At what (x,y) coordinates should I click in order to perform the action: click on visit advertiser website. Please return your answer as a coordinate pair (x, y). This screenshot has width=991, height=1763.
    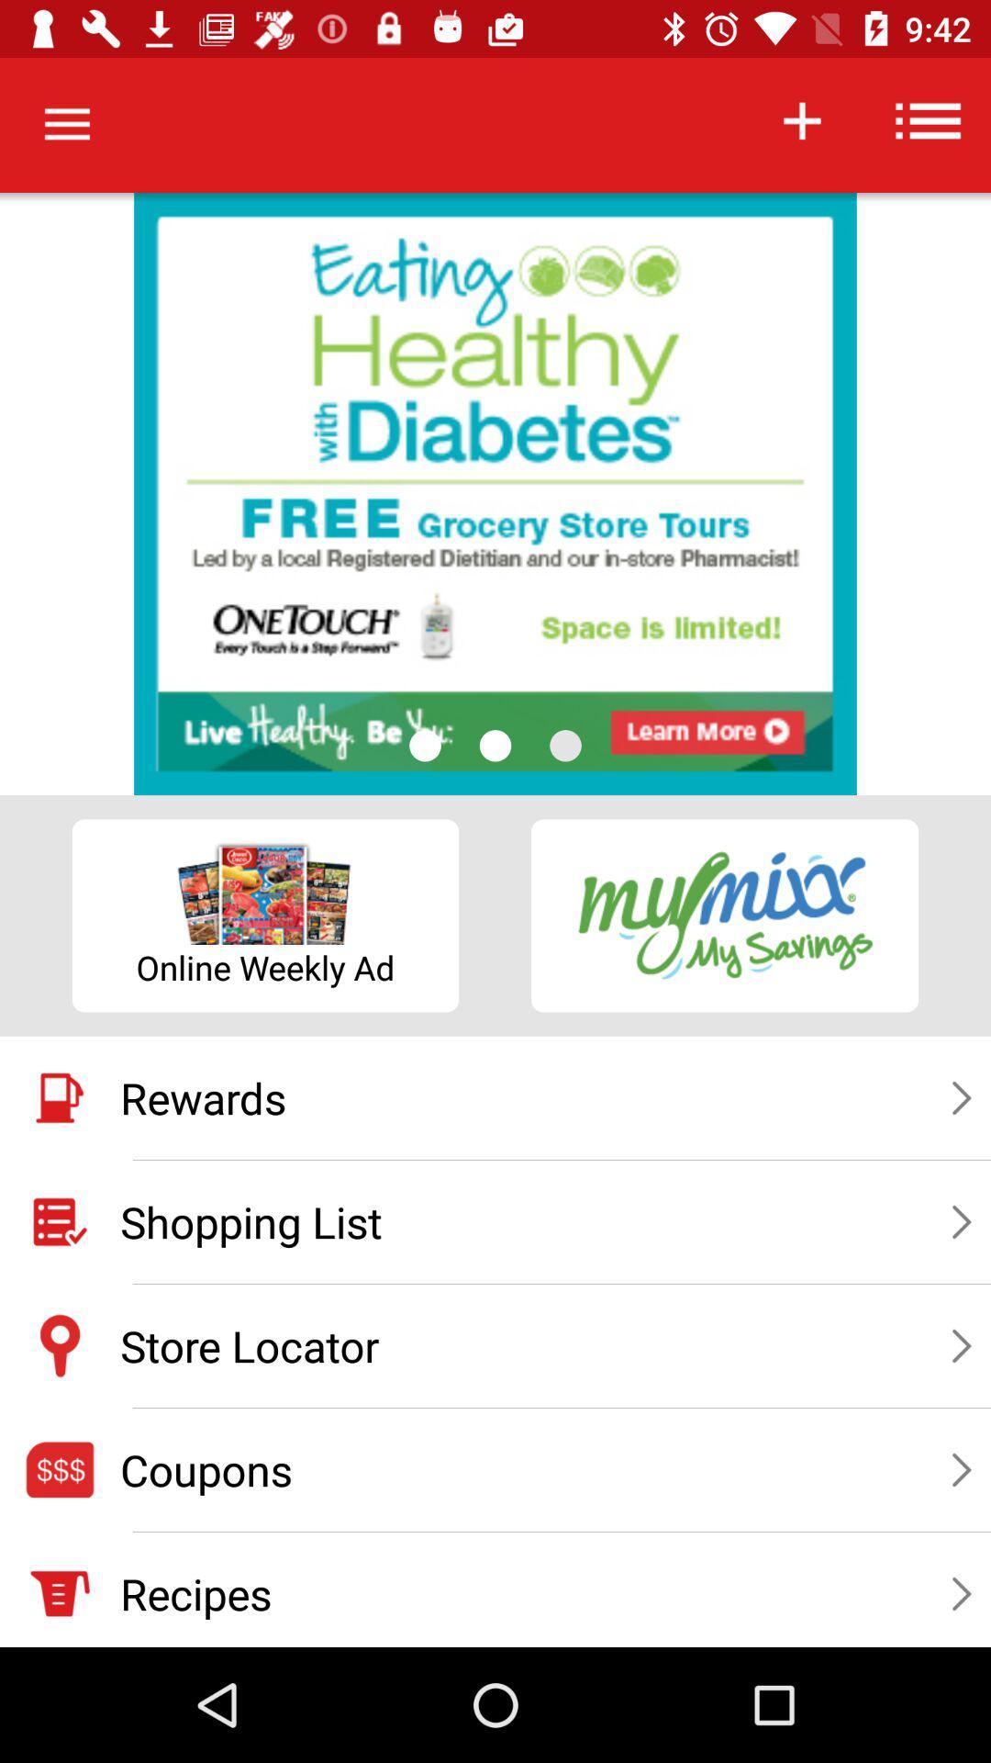
    Looking at the image, I should click on (495, 494).